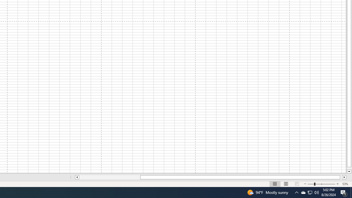 Image resolution: width=352 pixels, height=198 pixels. What do you see at coordinates (296, 184) in the screenshot?
I see `'Page Break Preview'` at bounding box center [296, 184].